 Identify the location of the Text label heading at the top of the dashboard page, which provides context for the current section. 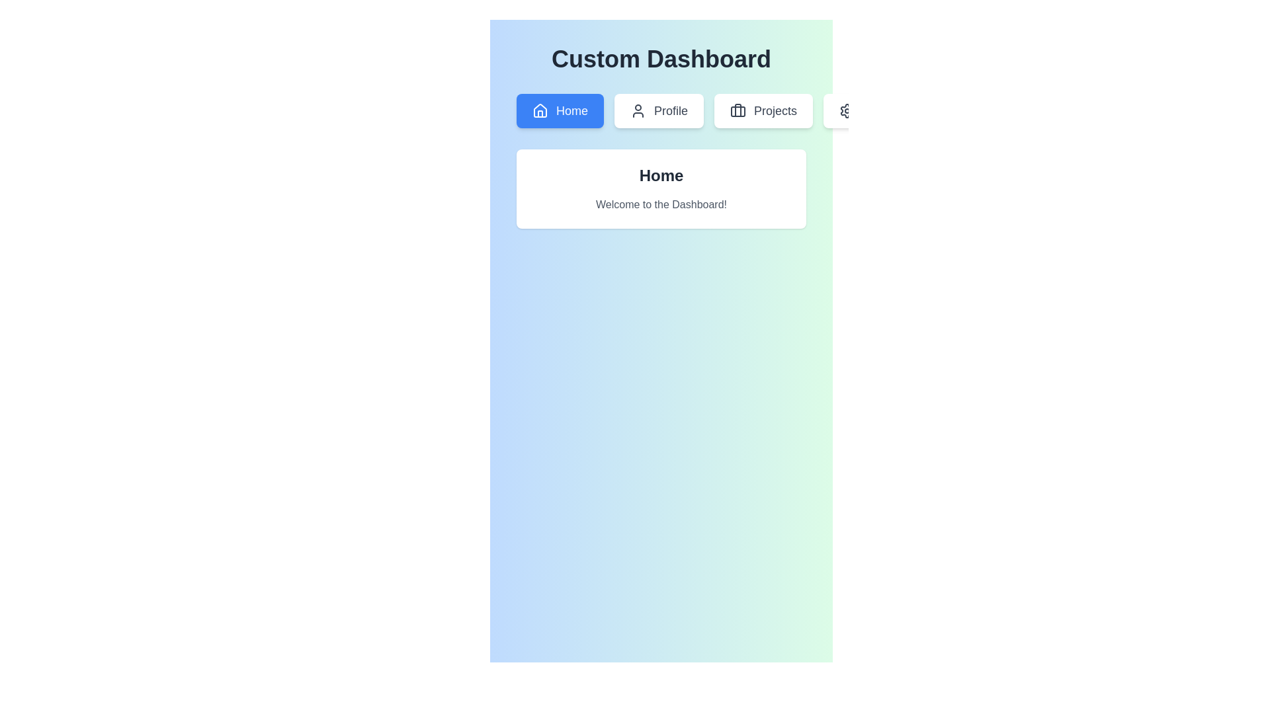
(661, 58).